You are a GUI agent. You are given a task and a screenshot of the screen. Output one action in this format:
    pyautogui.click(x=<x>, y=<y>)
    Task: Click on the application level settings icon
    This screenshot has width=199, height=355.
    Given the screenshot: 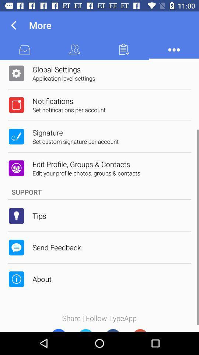 What is the action you would take?
    pyautogui.click(x=64, y=78)
    